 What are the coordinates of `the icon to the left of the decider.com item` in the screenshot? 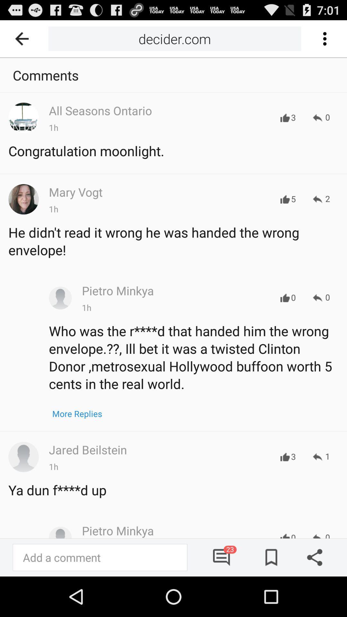 It's located at (24, 38).